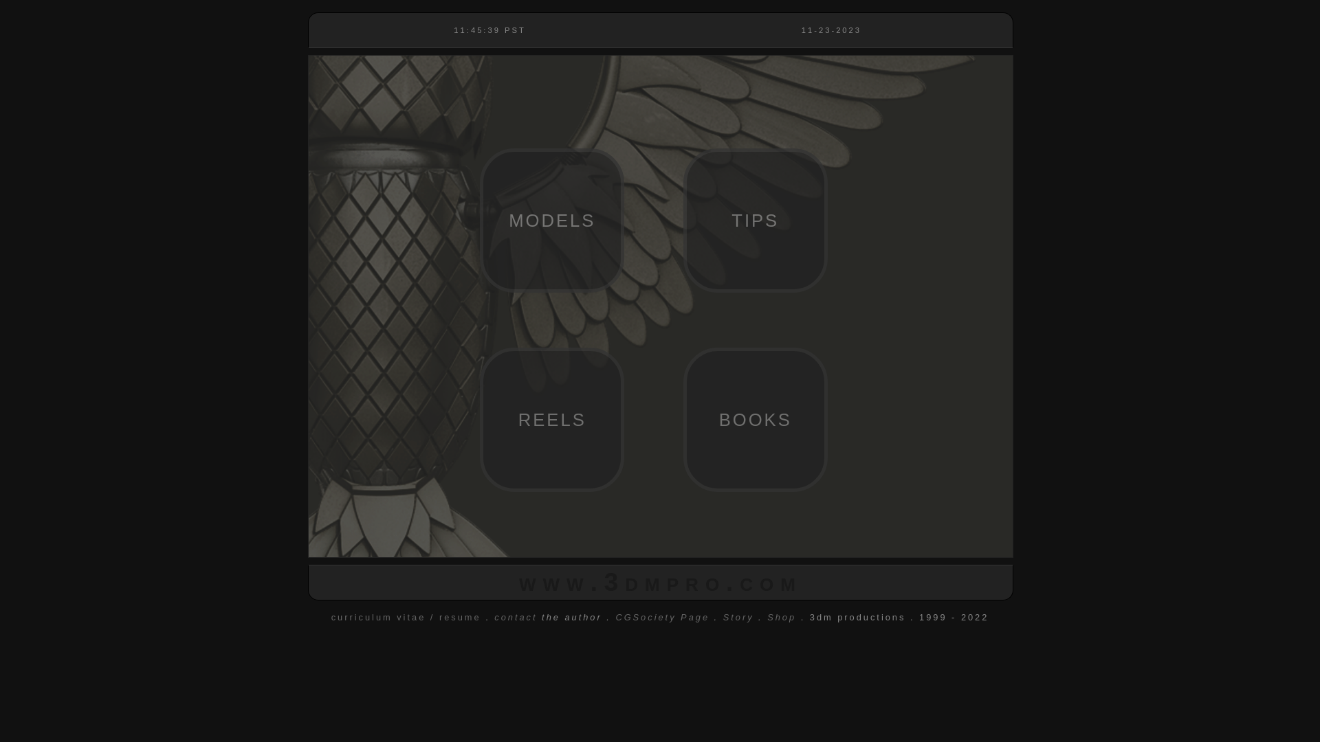 This screenshot has height=742, width=1320. What do you see at coordinates (514, 616) in the screenshot?
I see `'contact'` at bounding box center [514, 616].